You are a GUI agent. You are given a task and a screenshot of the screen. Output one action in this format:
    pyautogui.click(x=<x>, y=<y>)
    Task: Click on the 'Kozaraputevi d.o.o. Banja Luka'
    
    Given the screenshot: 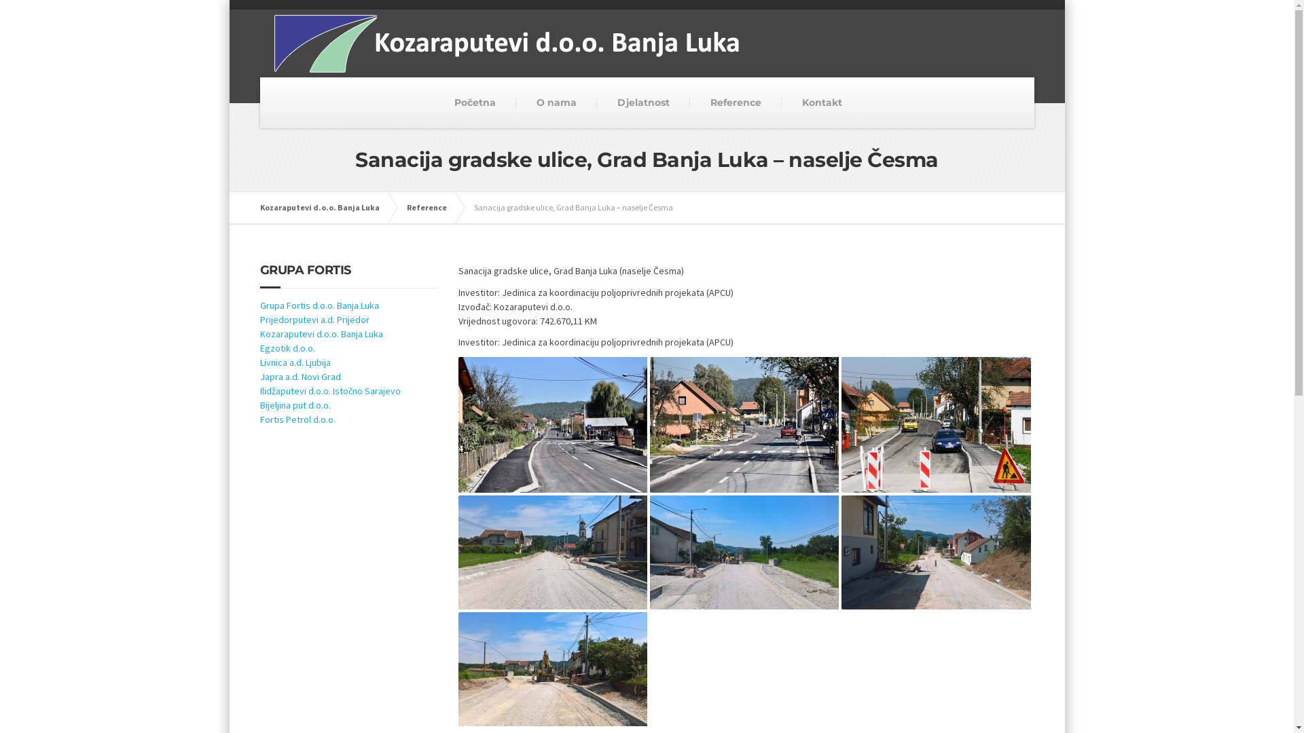 What is the action you would take?
    pyautogui.click(x=326, y=207)
    